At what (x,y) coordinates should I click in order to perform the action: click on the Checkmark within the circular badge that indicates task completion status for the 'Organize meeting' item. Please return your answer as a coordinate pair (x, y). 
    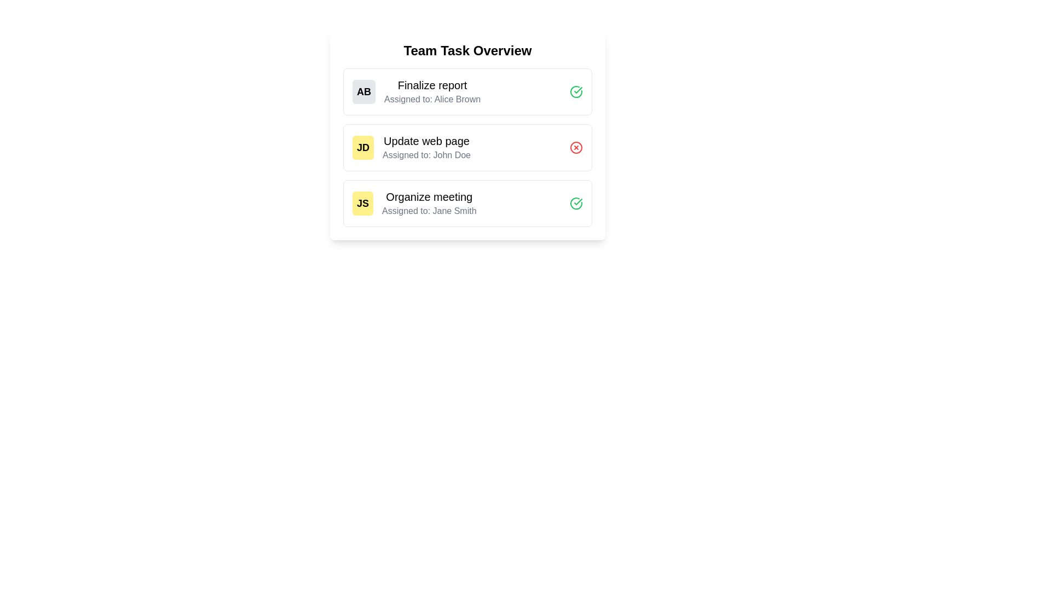
    Looking at the image, I should click on (578, 90).